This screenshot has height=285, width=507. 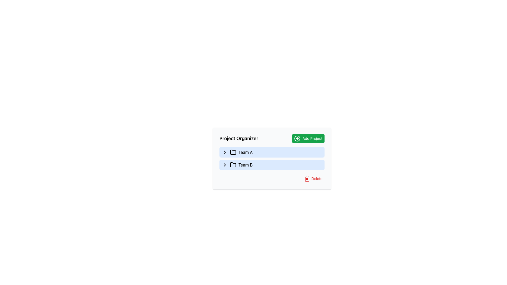 I want to click on the folder icon with a blue background and black stroke located in the 'Team B' list item, so click(x=233, y=164).